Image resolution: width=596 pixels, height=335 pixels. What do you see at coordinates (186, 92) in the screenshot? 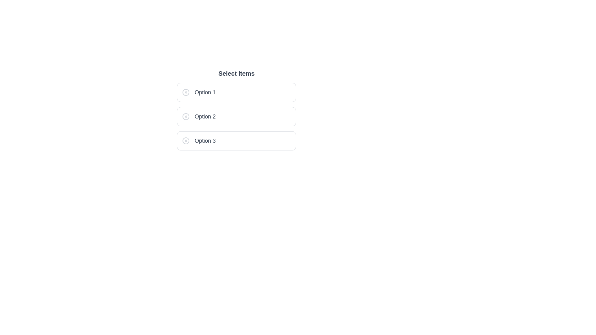
I see `the circular outline of the 'Option 1' entry in the vertical list, which is represented as an SVG element` at bounding box center [186, 92].